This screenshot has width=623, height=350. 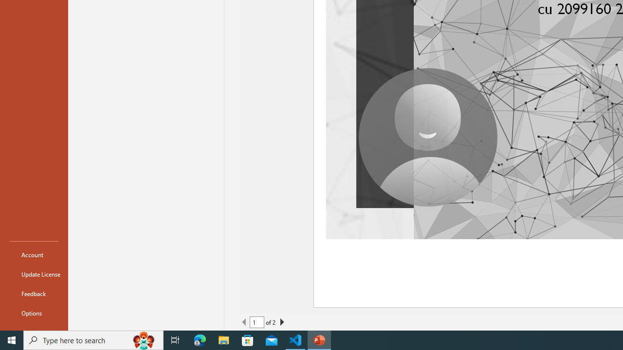 I want to click on 'Account', so click(x=34, y=254).